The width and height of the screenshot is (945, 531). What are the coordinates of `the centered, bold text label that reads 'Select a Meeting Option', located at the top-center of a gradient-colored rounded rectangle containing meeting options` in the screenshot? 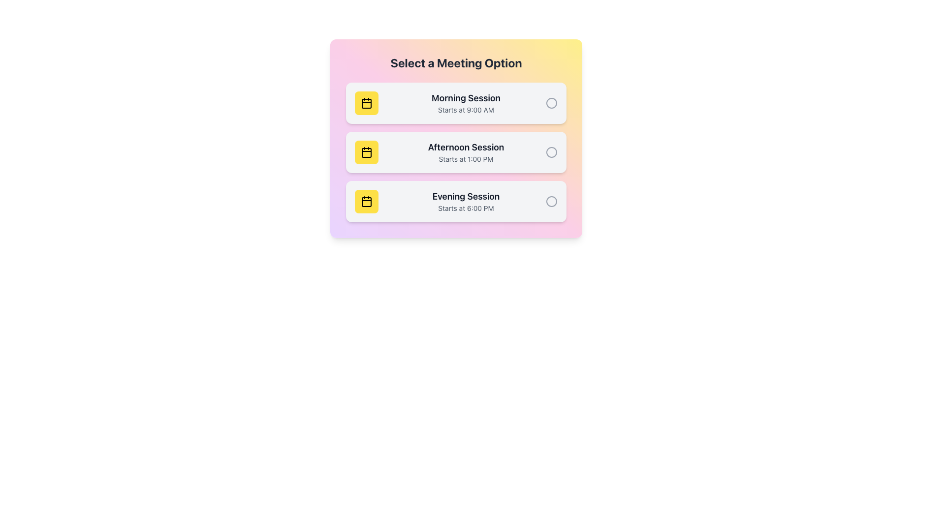 It's located at (455, 62).